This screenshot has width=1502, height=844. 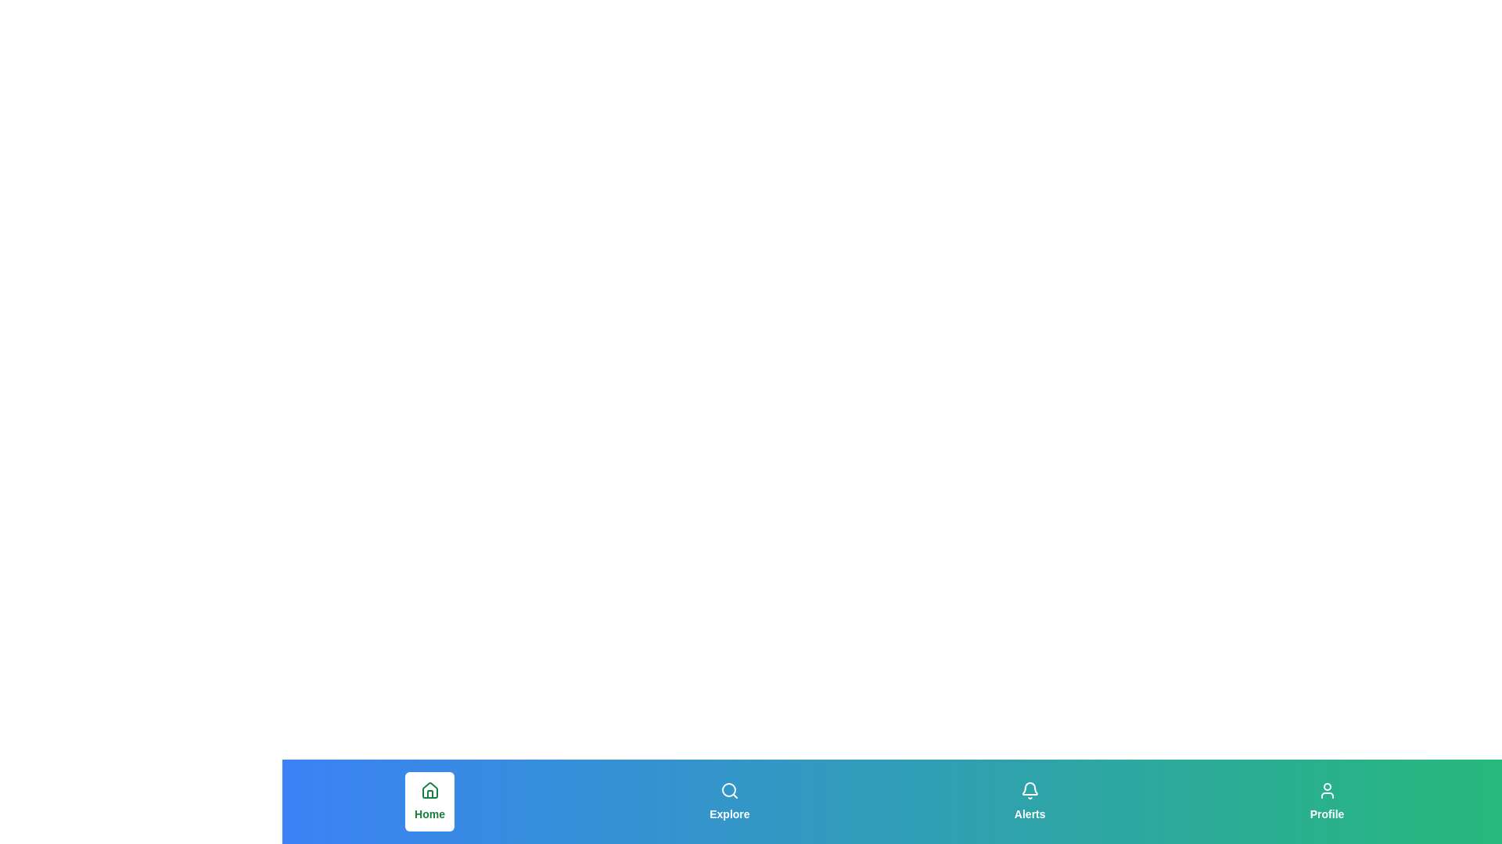 I want to click on the tab corresponding to Explore, so click(x=728, y=802).